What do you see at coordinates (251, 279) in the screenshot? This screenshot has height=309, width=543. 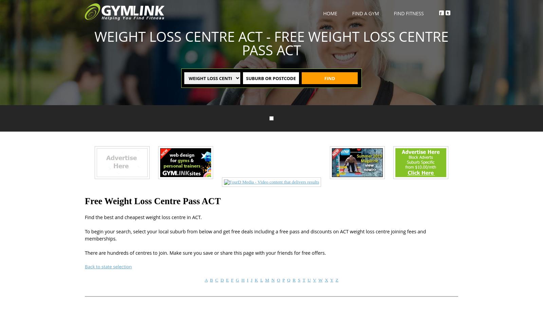 I see `'J'` at bounding box center [251, 279].